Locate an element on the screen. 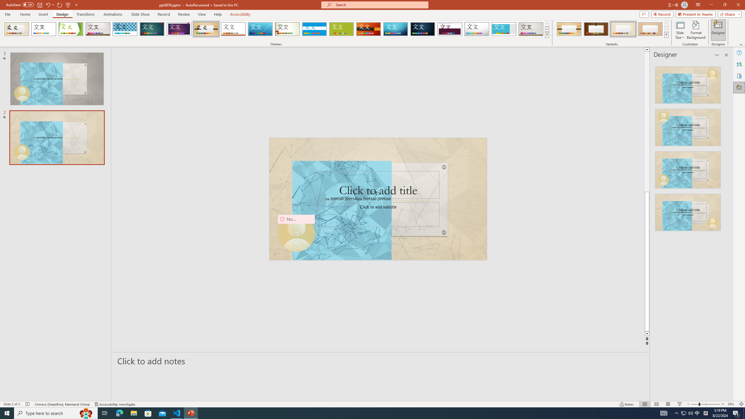 The image size is (745, 419). 'Organic Variant 2' is located at coordinates (596, 29).